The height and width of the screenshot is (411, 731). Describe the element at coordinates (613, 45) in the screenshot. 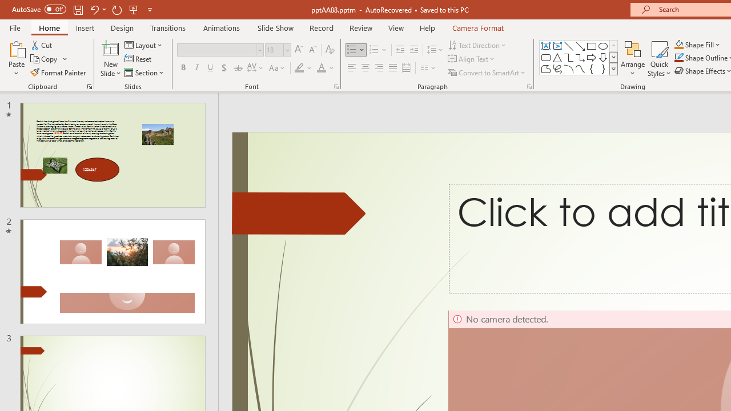

I see `'Row up'` at that location.